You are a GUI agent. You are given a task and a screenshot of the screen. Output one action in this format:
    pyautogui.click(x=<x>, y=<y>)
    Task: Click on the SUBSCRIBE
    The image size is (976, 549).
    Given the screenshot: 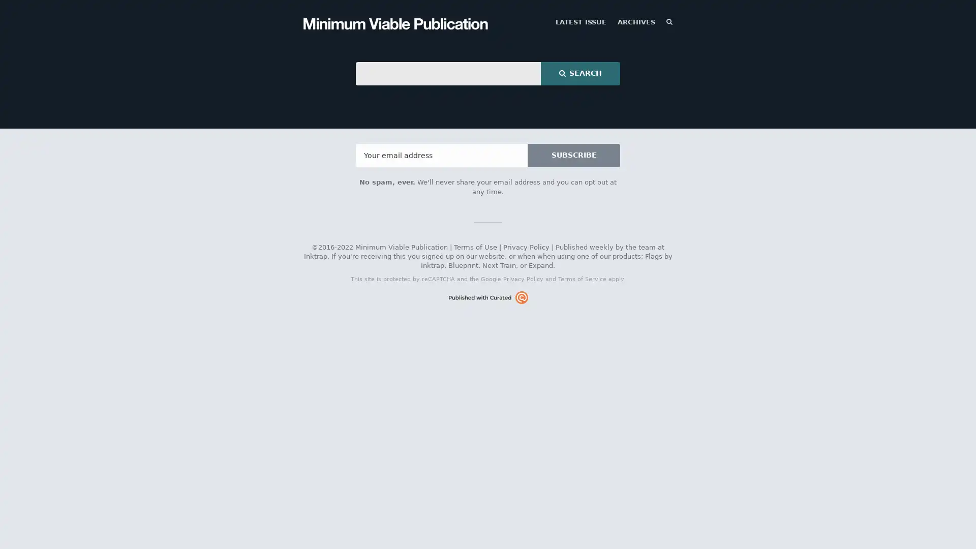 What is the action you would take?
    pyautogui.click(x=573, y=155)
    